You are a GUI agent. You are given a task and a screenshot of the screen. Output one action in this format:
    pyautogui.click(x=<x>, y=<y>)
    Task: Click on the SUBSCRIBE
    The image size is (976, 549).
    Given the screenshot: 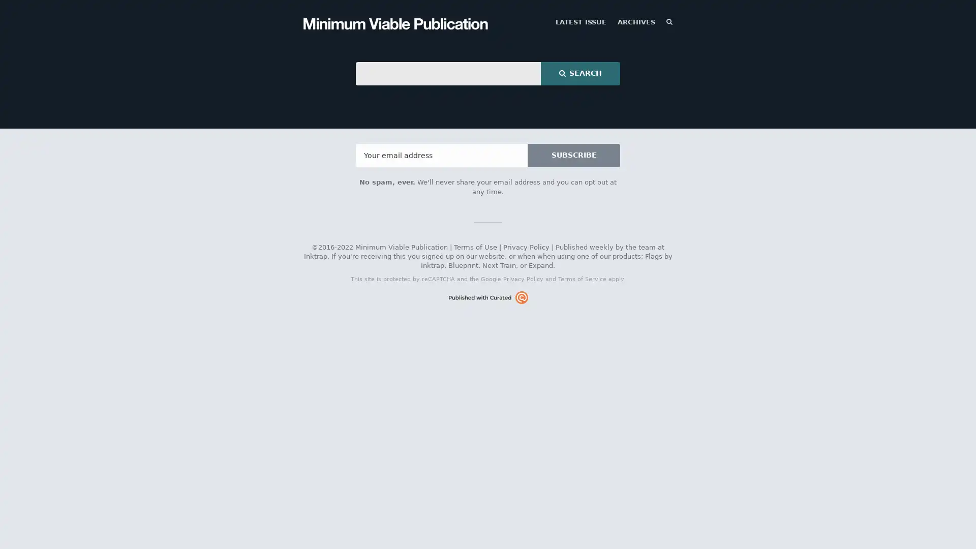 What is the action you would take?
    pyautogui.click(x=573, y=155)
    